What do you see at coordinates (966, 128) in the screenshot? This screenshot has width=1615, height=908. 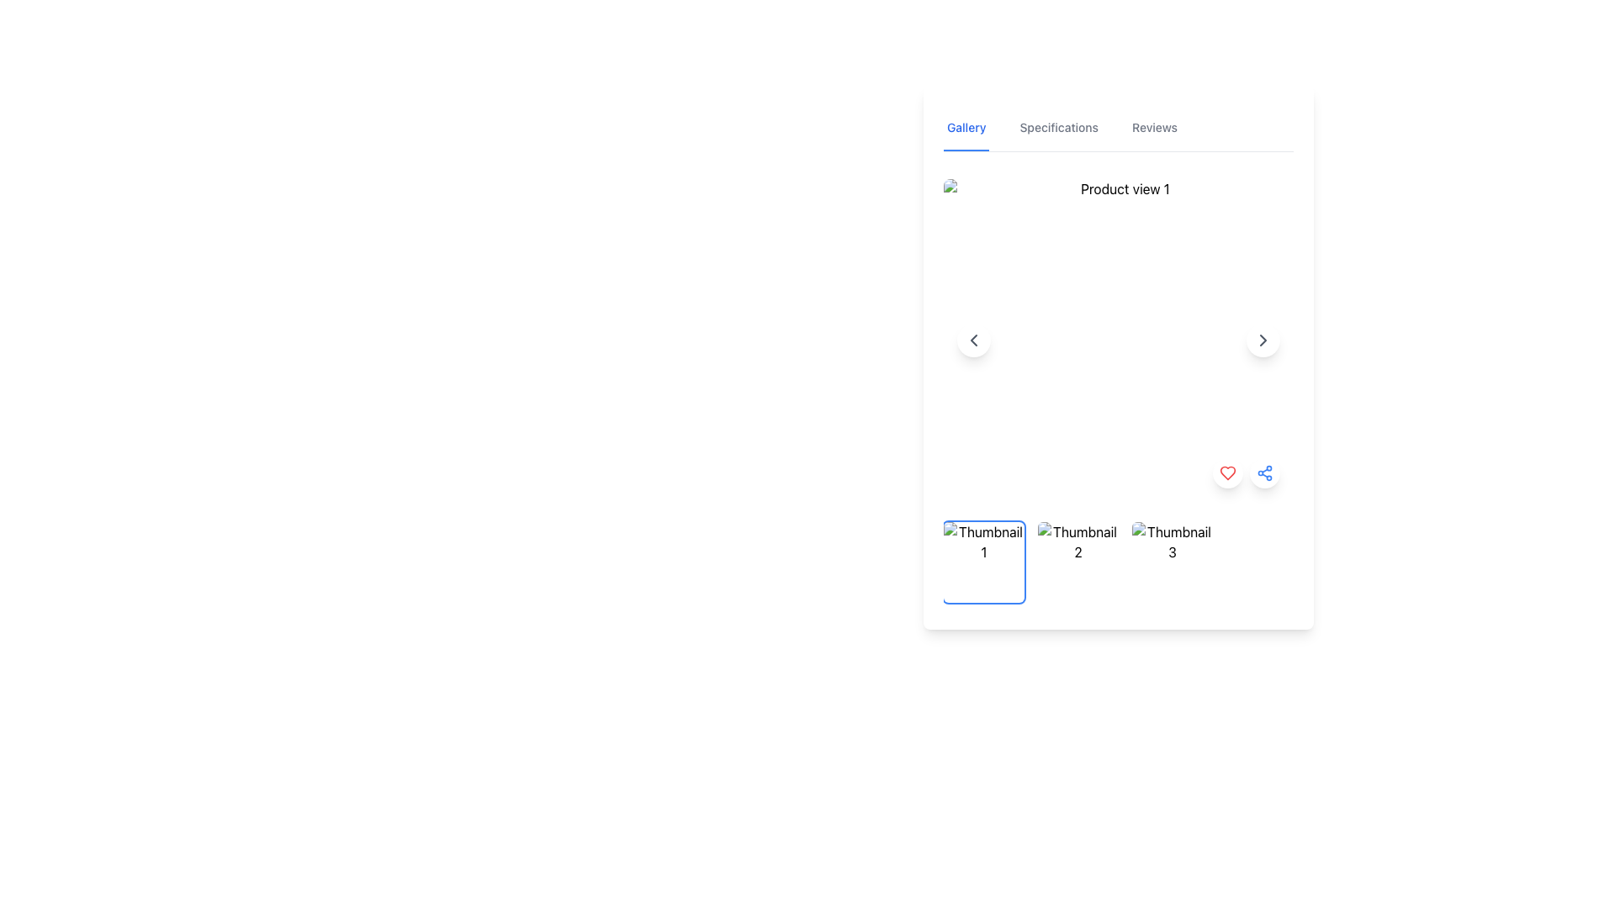 I see `the first button at the top-left corner of the interface` at bounding box center [966, 128].